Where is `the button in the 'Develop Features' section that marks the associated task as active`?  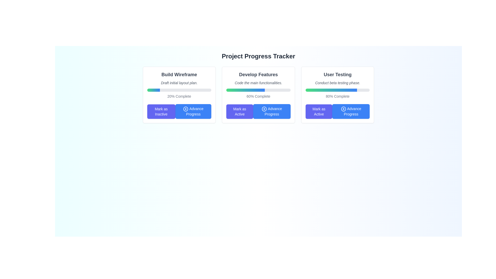 the button in the 'Develop Features' section that marks the associated task as active is located at coordinates (239, 111).